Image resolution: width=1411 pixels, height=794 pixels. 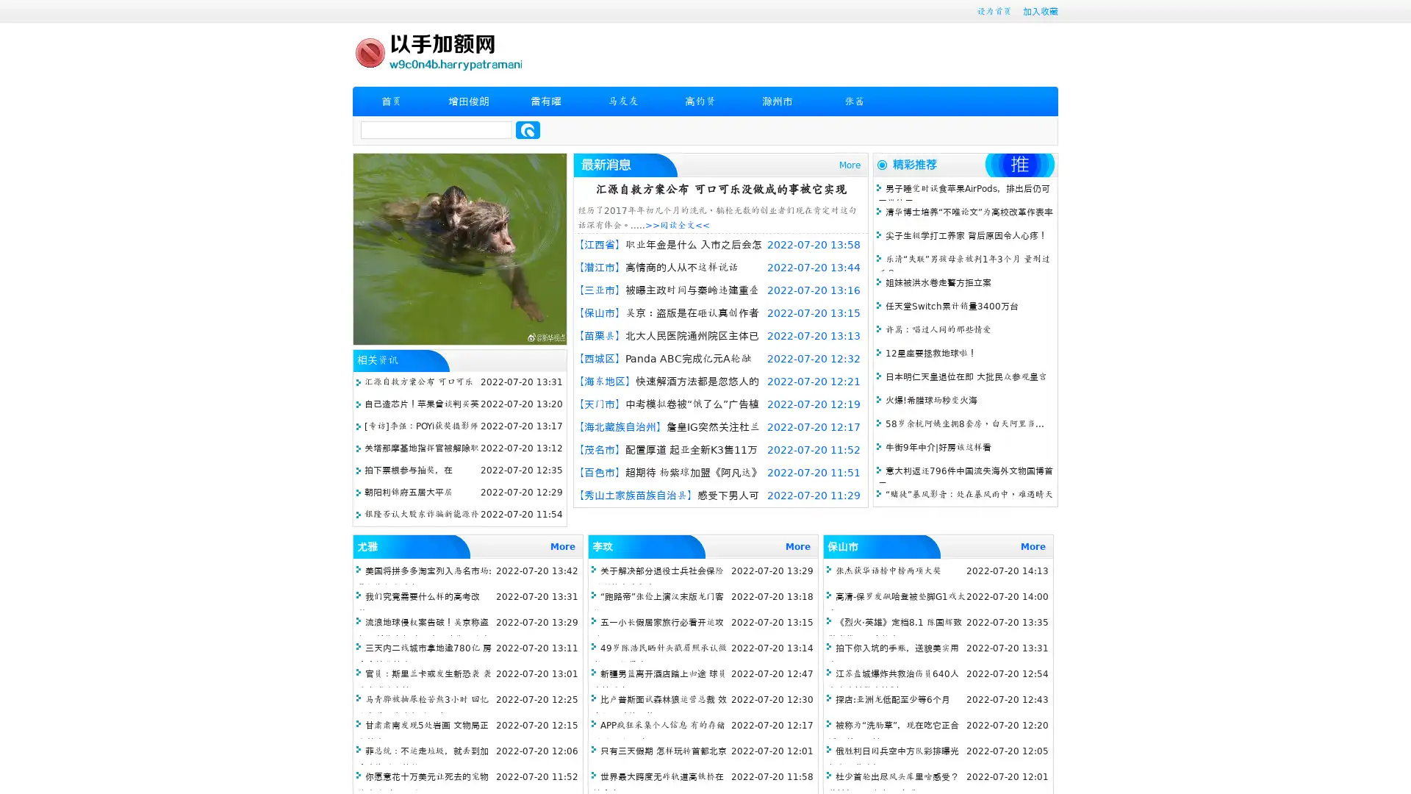 I want to click on Search, so click(x=528, y=129).